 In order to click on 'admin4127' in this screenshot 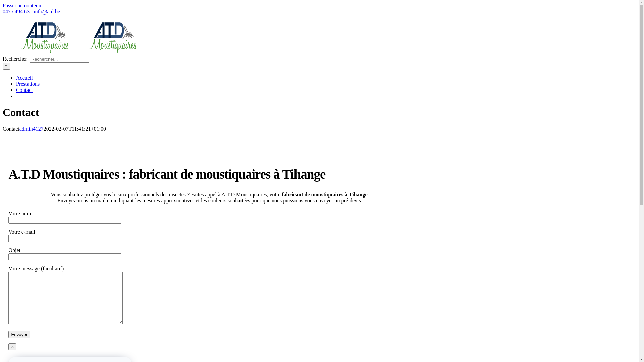, I will do `click(19, 129)`.